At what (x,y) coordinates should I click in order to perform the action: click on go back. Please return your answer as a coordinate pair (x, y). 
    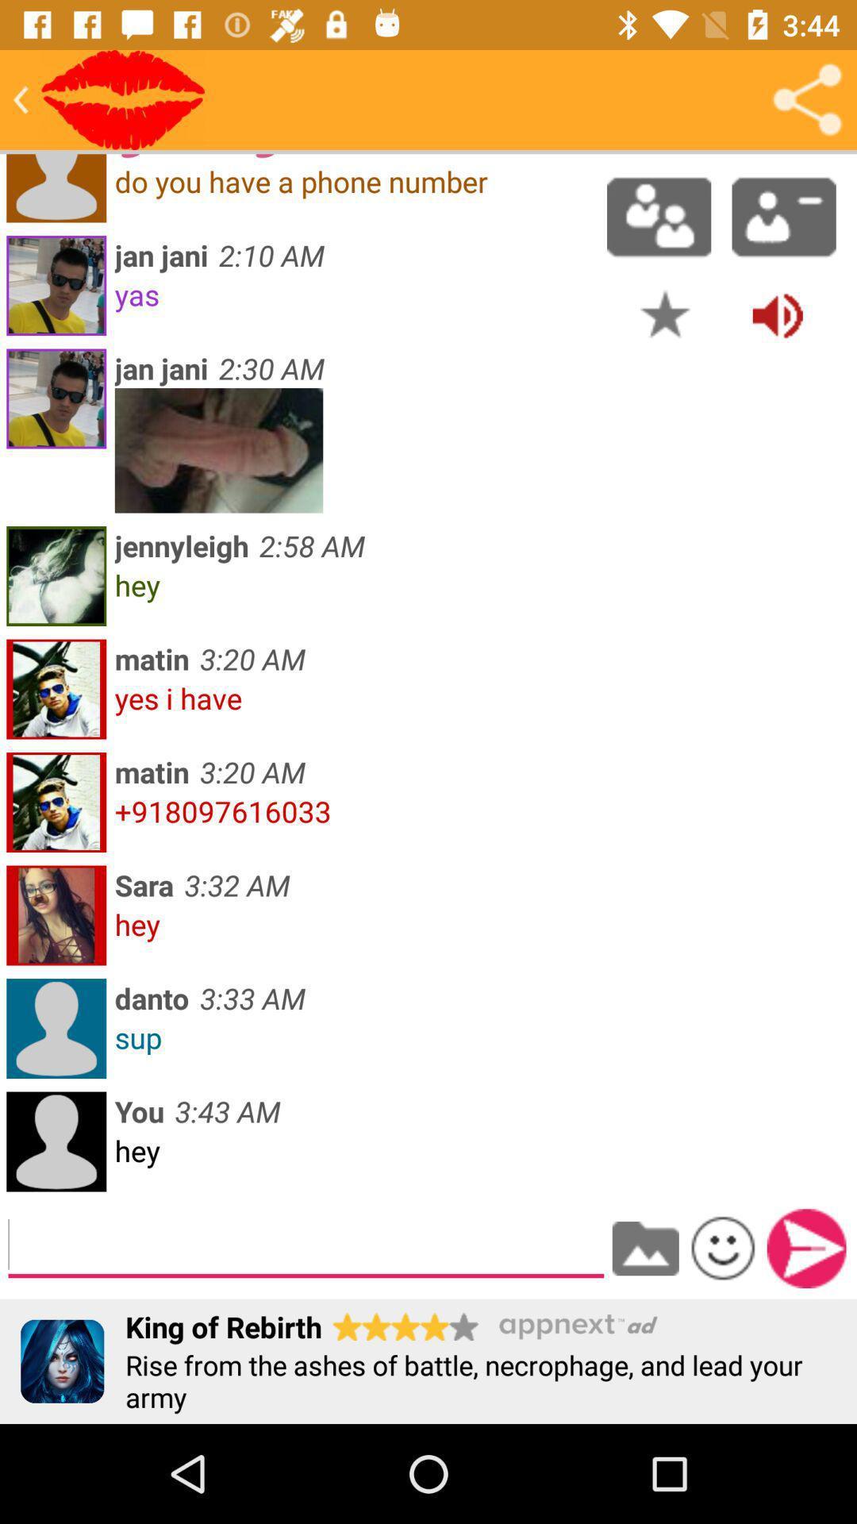
    Looking at the image, I should click on (21, 98).